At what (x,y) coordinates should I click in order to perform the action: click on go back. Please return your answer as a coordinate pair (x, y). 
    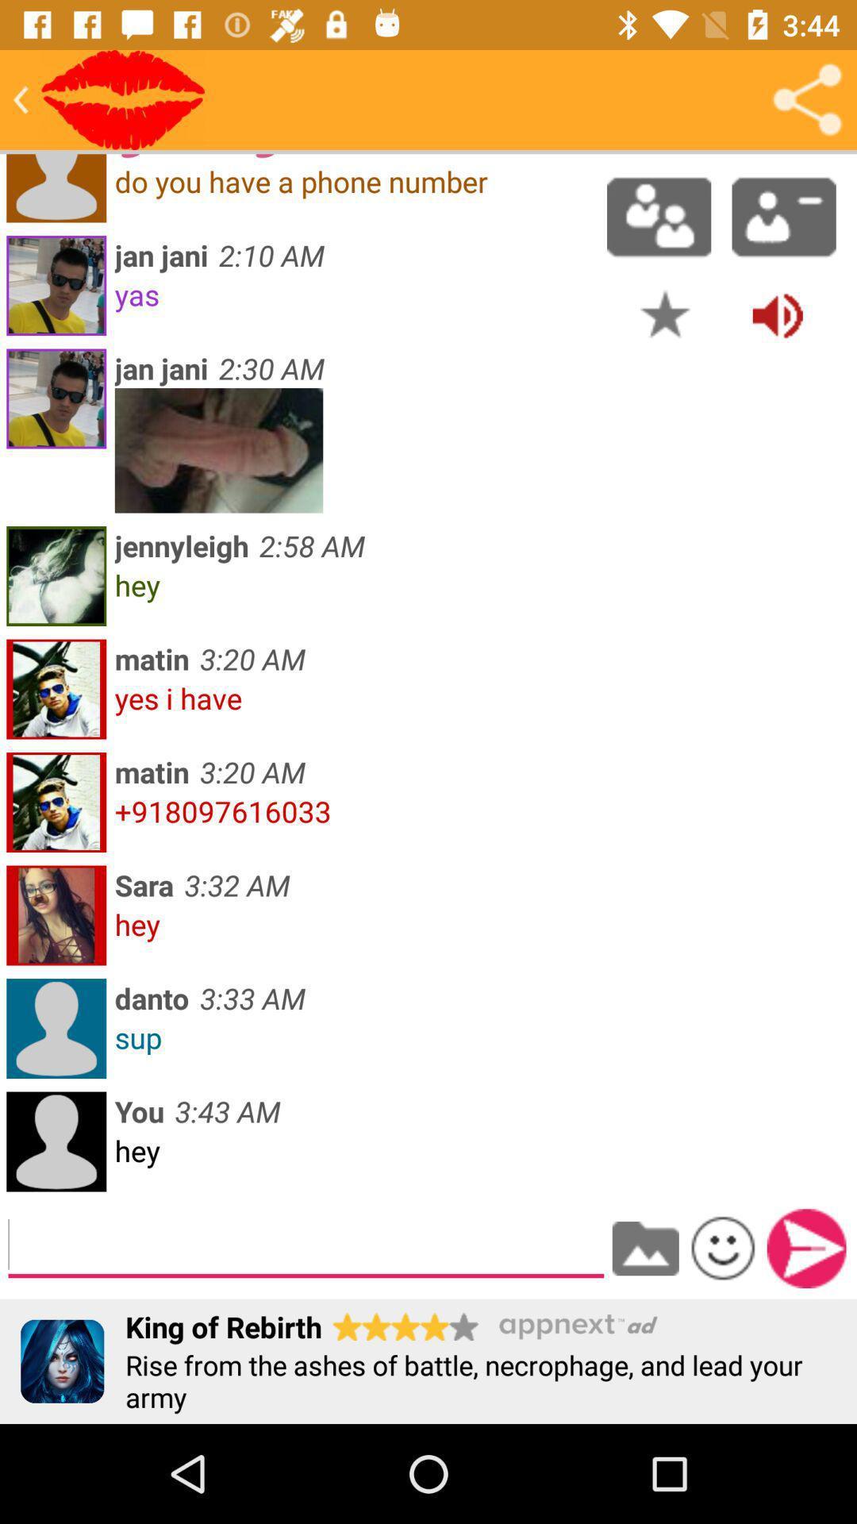
    Looking at the image, I should click on (21, 98).